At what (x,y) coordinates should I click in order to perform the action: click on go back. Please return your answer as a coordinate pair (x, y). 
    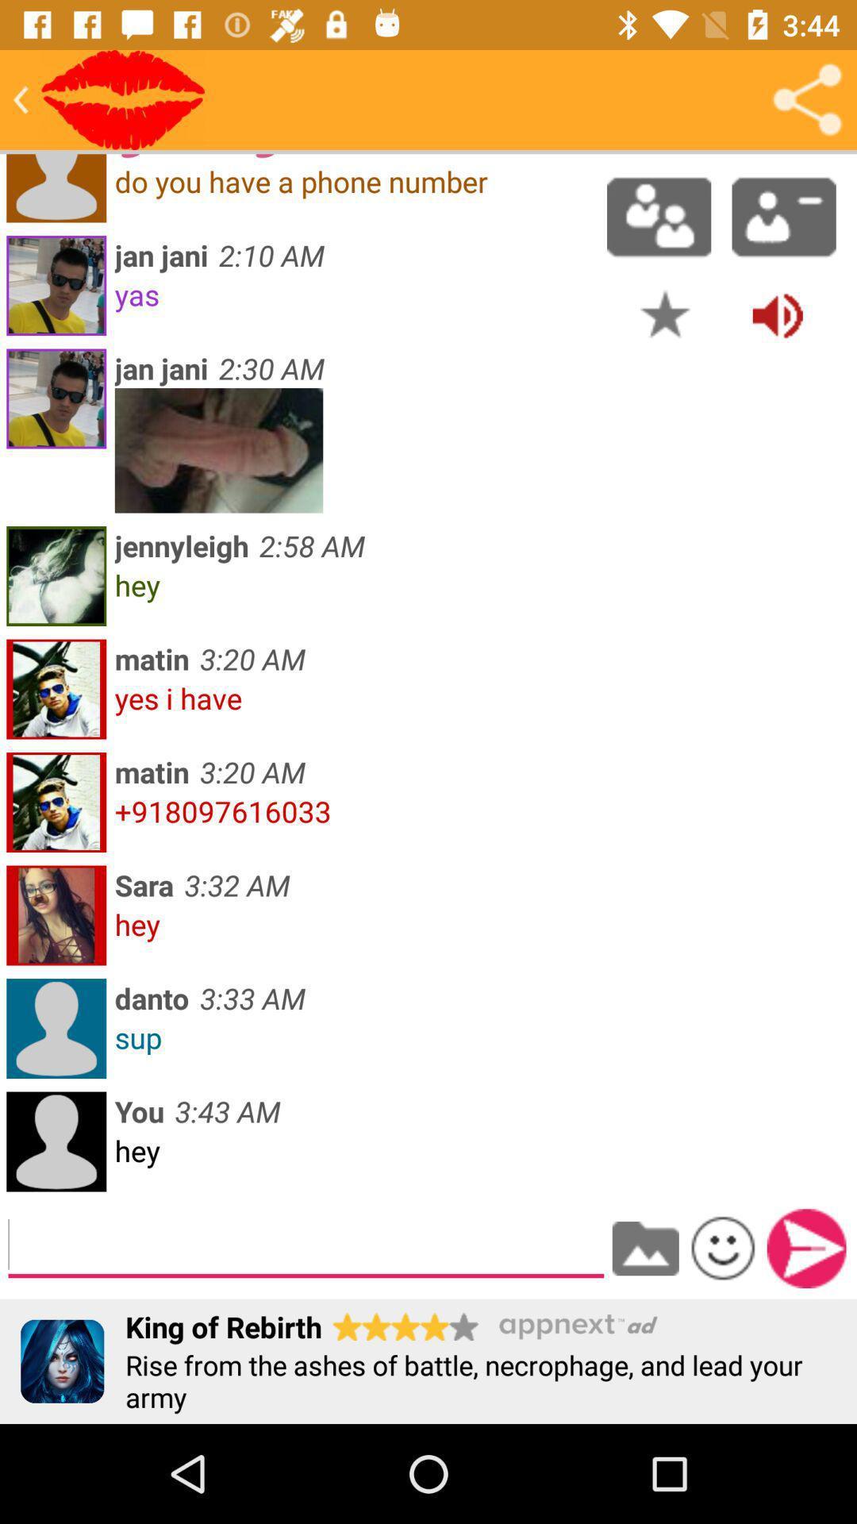
    Looking at the image, I should click on (21, 98).